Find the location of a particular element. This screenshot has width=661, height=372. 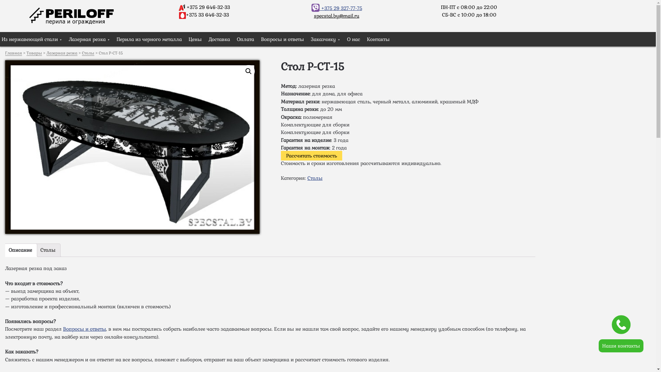

'+375 29 646-32-33' is located at coordinates (208, 7).